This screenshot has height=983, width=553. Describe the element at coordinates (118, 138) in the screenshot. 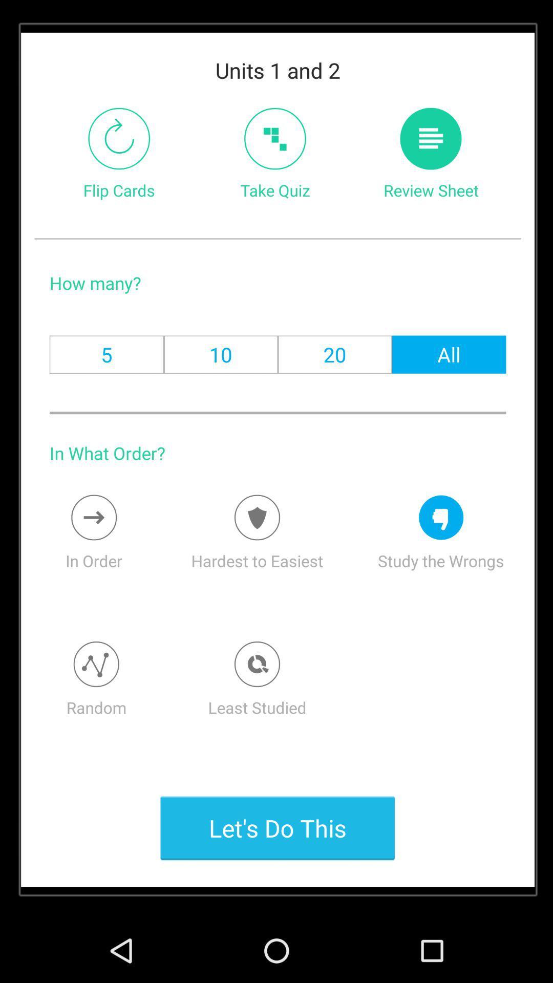

I see `switch autoplay` at that location.